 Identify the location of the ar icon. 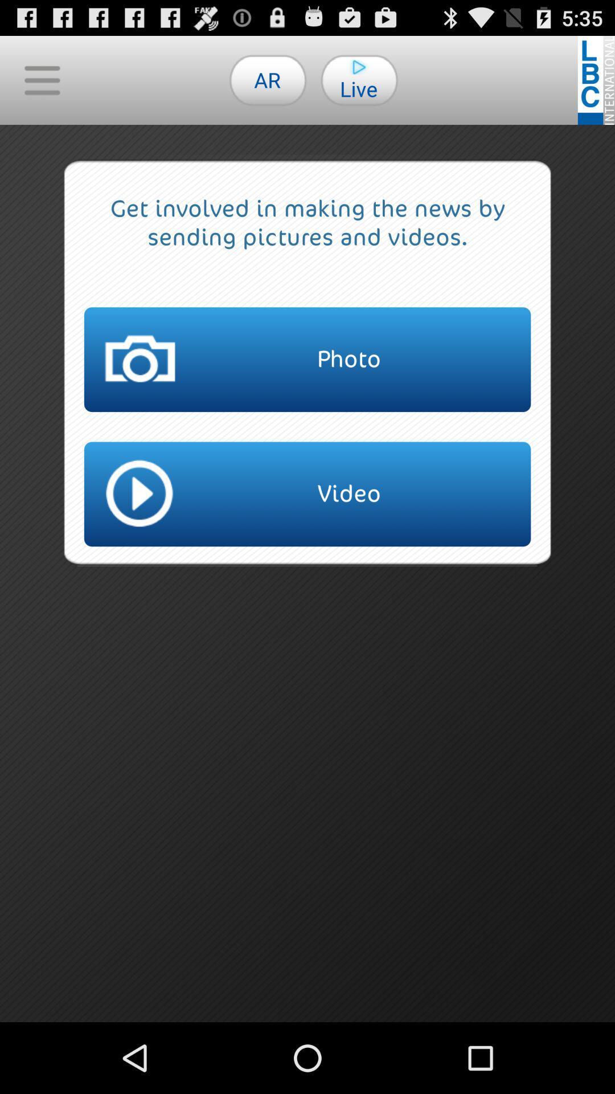
(268, 79).